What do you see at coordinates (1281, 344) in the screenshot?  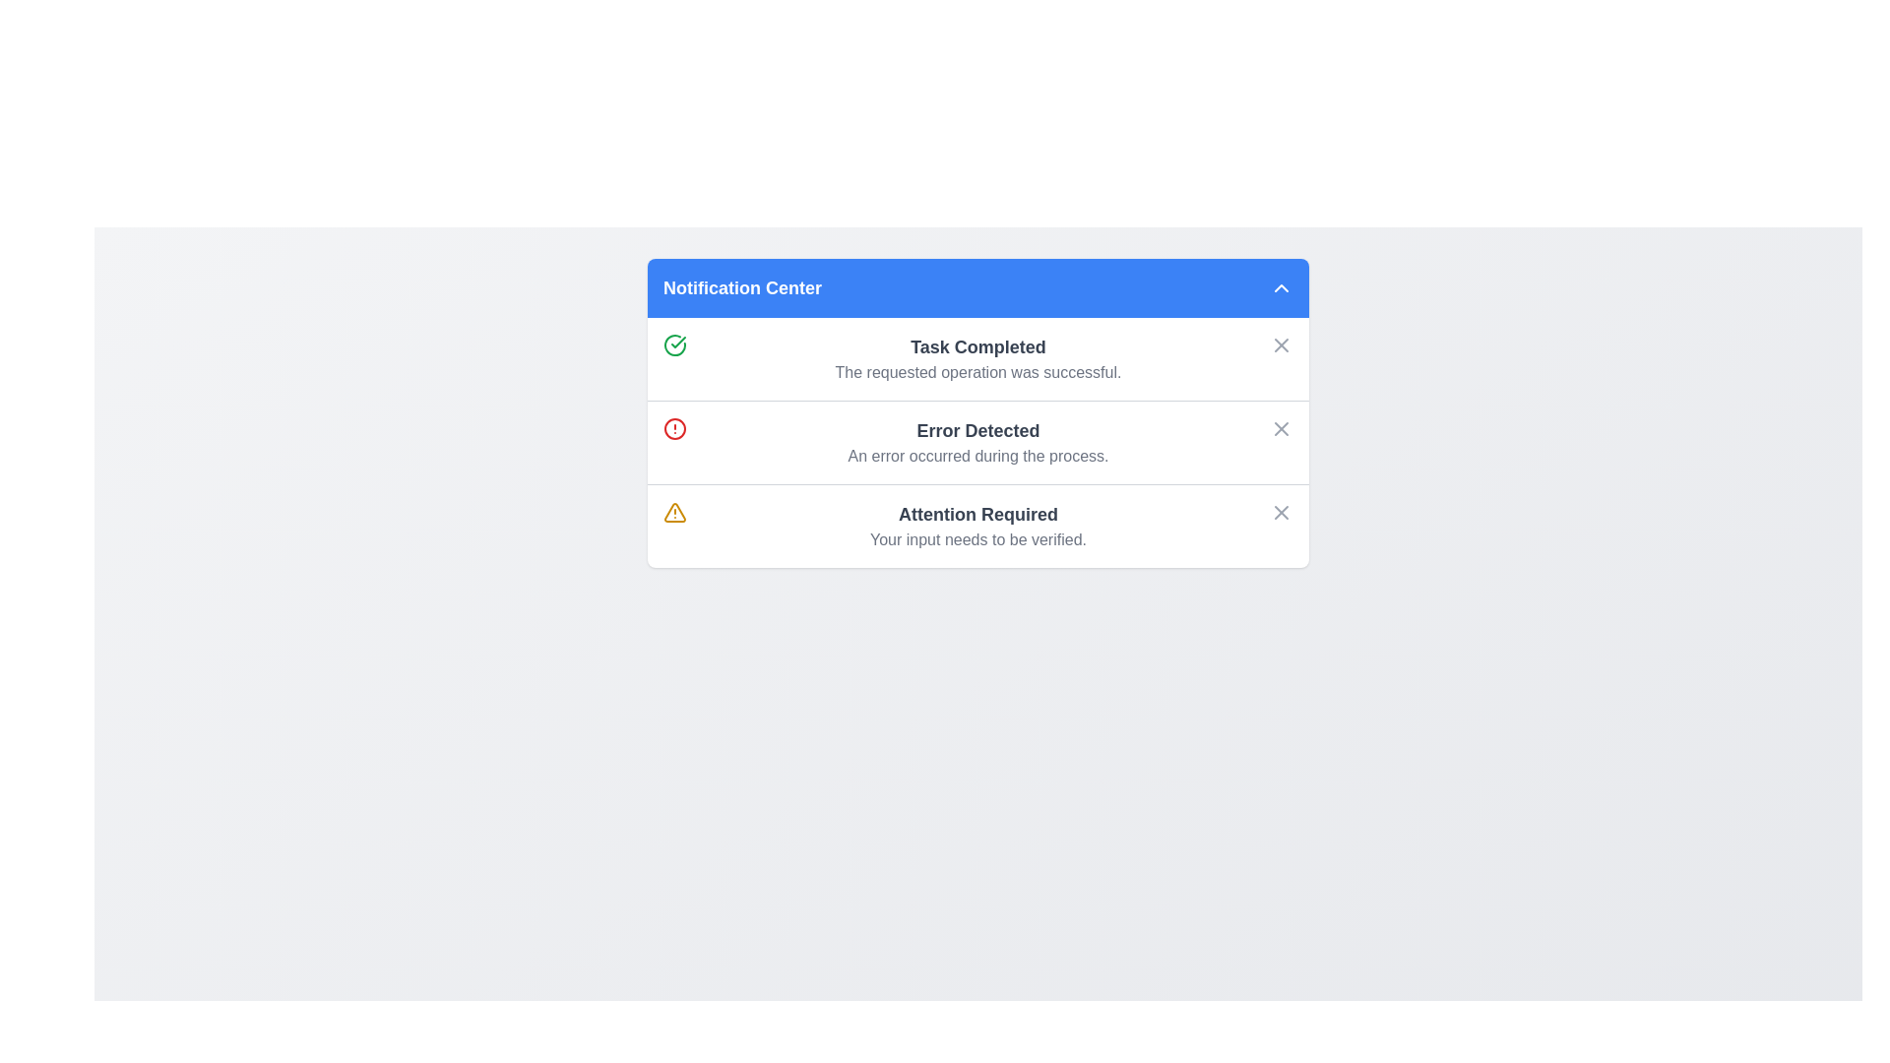 I see `the close icon button located on the far right of the 'Task Completed' notification entry in the Notification Center` at bounding box center [1281, 344].